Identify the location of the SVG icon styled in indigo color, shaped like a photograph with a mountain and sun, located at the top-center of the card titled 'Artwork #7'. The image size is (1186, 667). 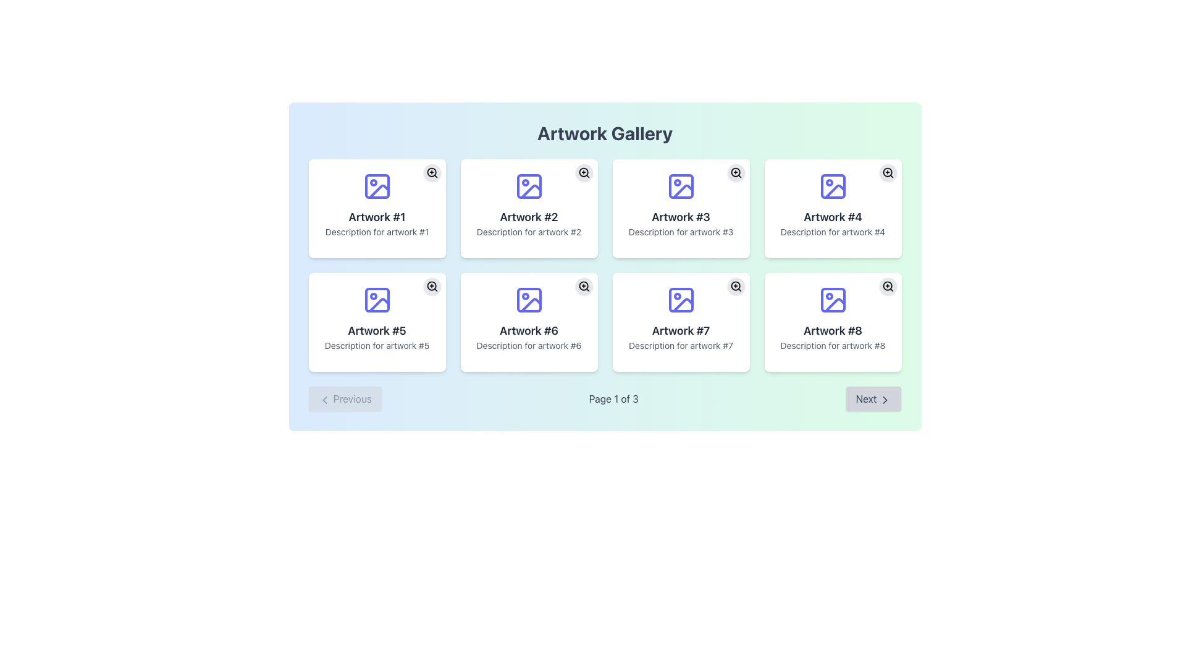
(680, 300).